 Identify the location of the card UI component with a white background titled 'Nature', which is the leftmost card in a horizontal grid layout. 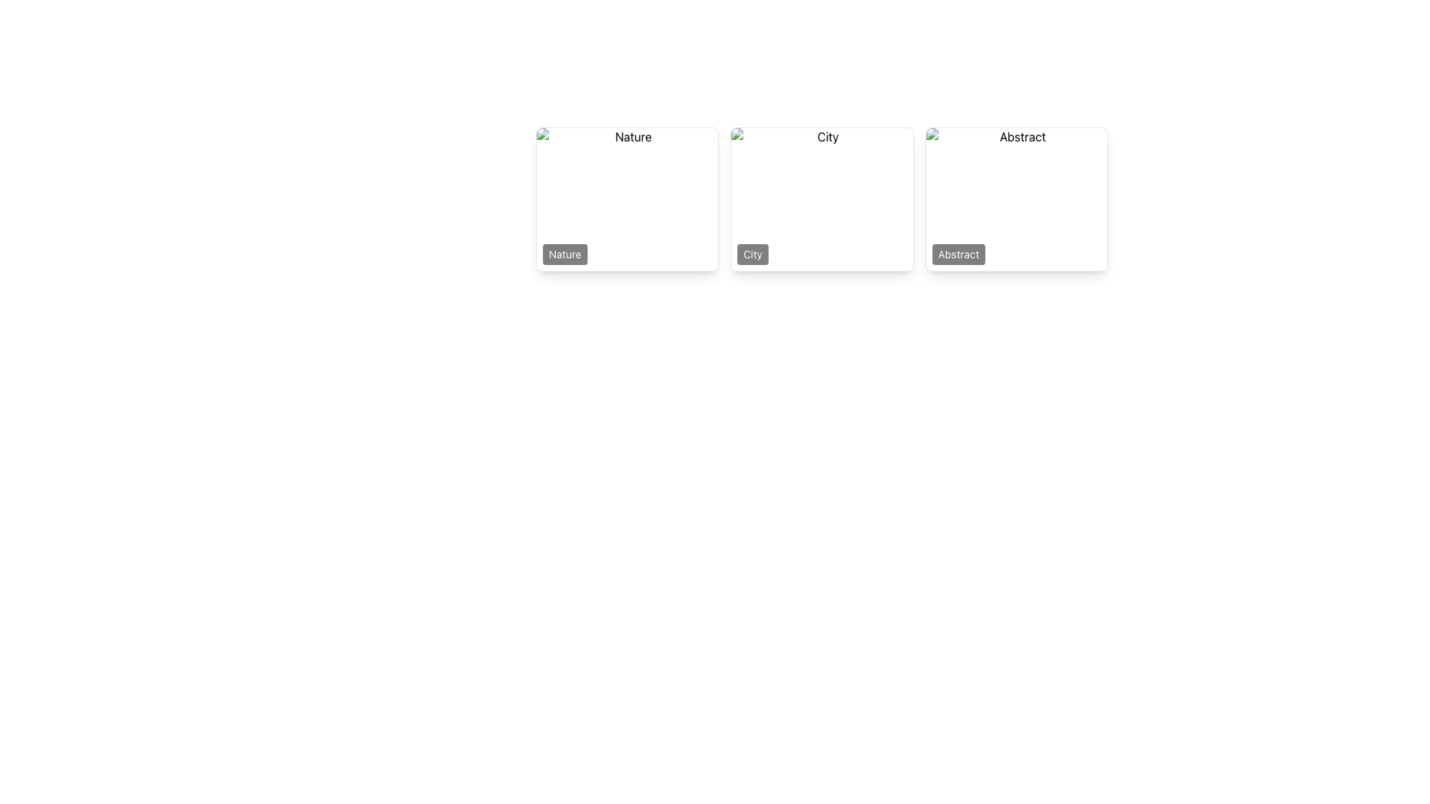
(627, 198).